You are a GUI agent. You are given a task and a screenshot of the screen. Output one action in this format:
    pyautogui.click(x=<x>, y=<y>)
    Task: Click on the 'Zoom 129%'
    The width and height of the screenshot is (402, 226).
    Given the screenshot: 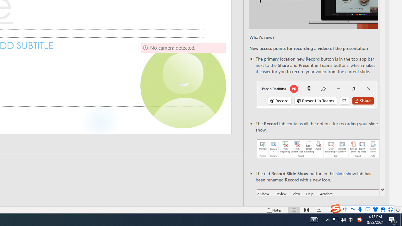 What is the action you would take?
    pyautogui.click(x=387, y=210)
    